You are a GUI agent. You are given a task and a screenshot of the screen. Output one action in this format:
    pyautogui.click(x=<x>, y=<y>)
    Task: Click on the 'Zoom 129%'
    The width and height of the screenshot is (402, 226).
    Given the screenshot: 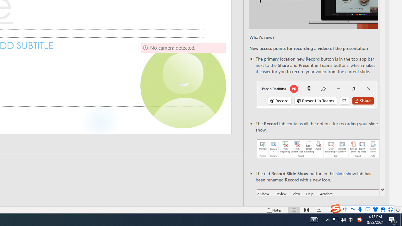 What is the action you would take?
    pyautogui.click(x=387, y=210)
    